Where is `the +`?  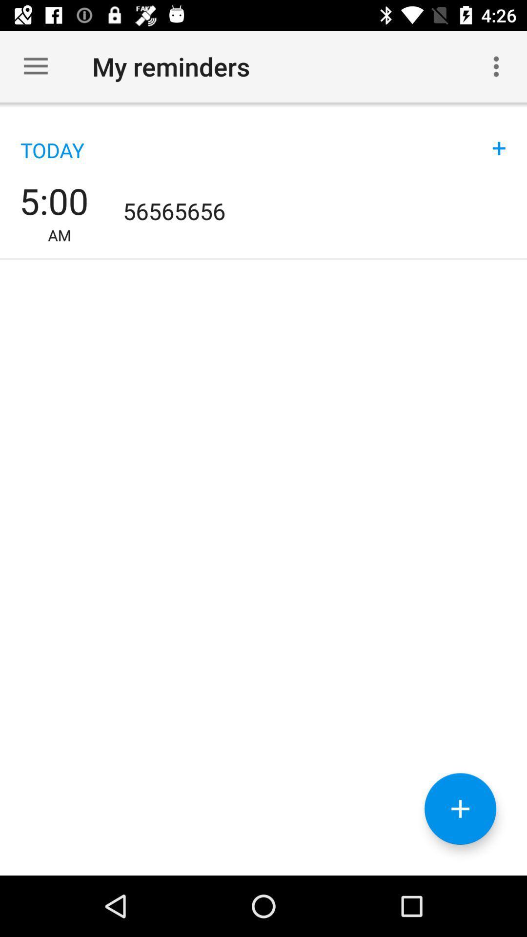 the + is located at coordinates (499, 138).